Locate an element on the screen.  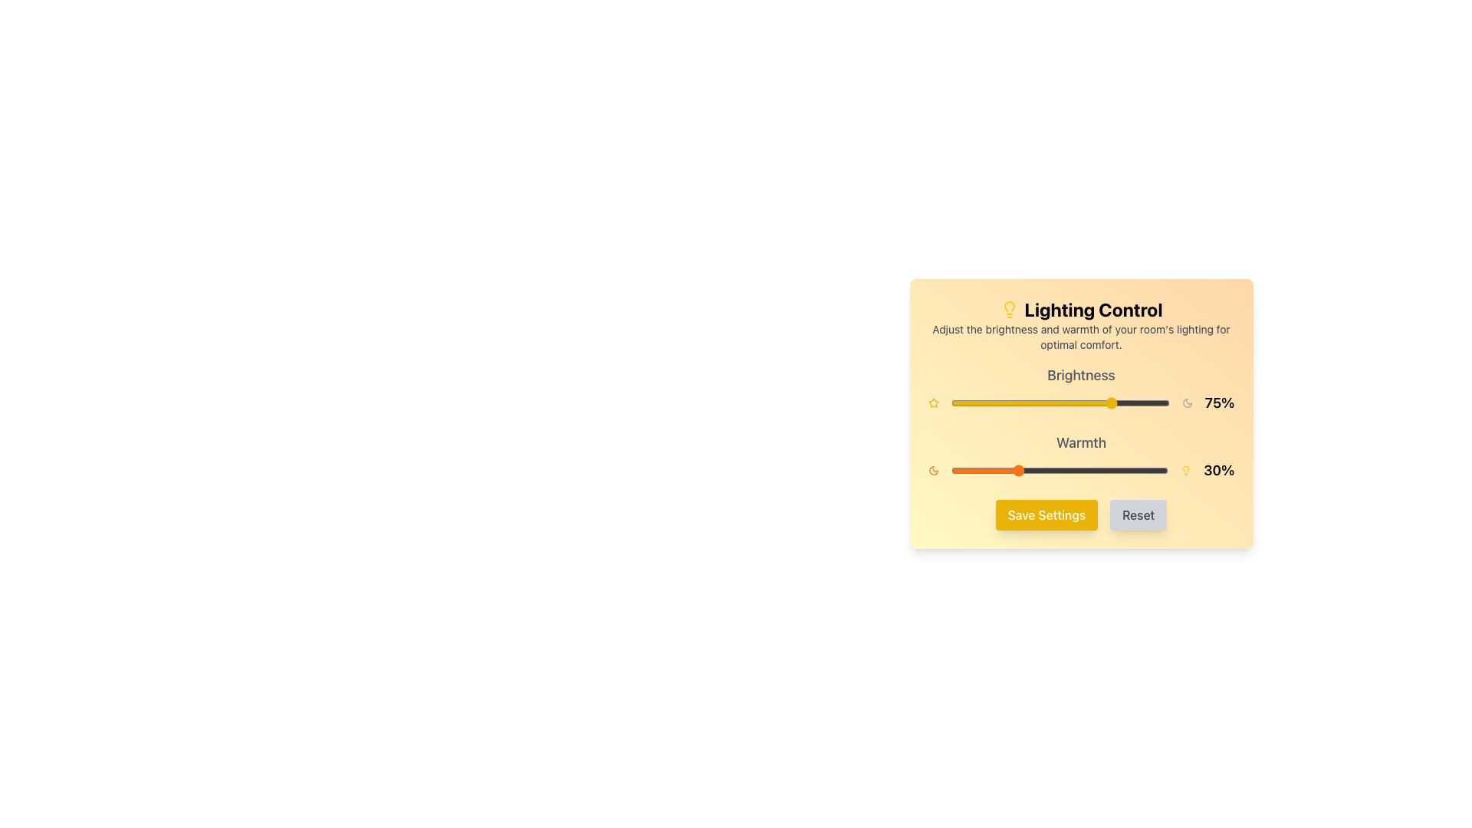
brightness is located at coordinates (963, 402).